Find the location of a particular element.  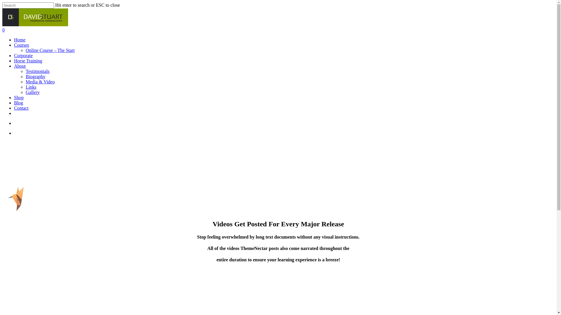

'Gallery' is located at coordinates (32, 92).